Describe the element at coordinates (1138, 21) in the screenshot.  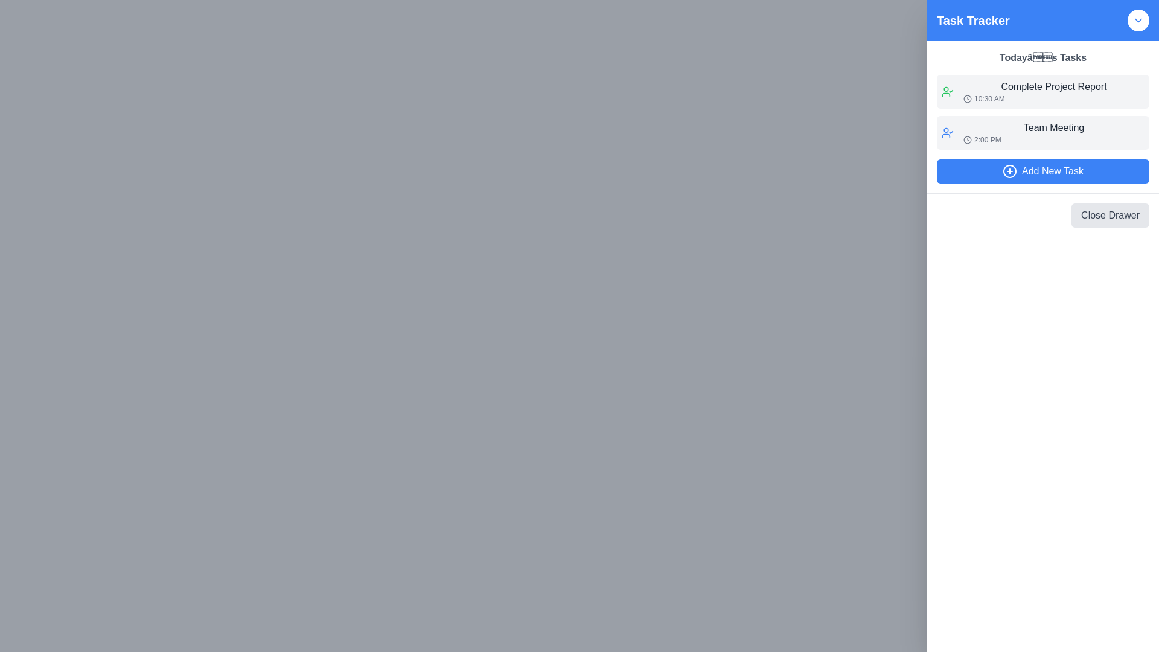
I see `the chevron-down icon within the circular button in the top-right section of the interface, next to the 'Task Tracker' title` at that location.